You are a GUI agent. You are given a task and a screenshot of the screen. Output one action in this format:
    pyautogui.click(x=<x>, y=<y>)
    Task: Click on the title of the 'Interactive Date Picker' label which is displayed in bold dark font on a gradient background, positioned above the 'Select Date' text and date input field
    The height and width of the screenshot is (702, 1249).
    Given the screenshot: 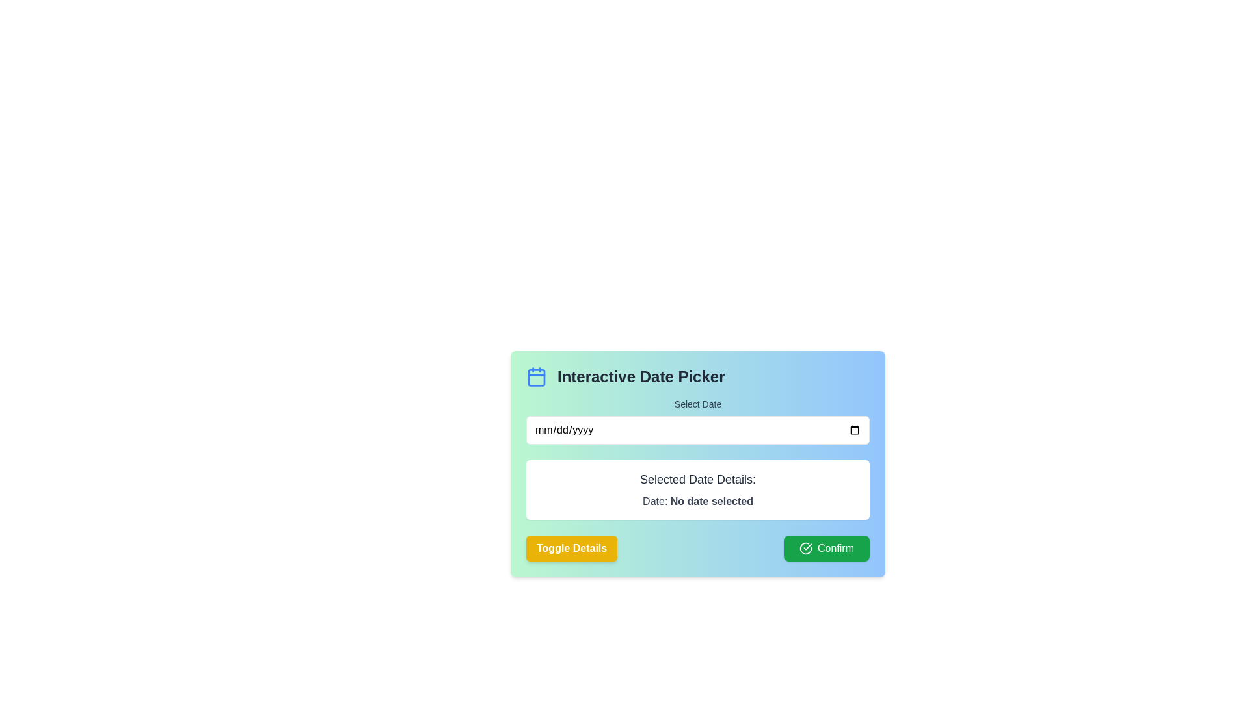 What is the action you would take?
    pyautogui.click(x=697, y=376)
    